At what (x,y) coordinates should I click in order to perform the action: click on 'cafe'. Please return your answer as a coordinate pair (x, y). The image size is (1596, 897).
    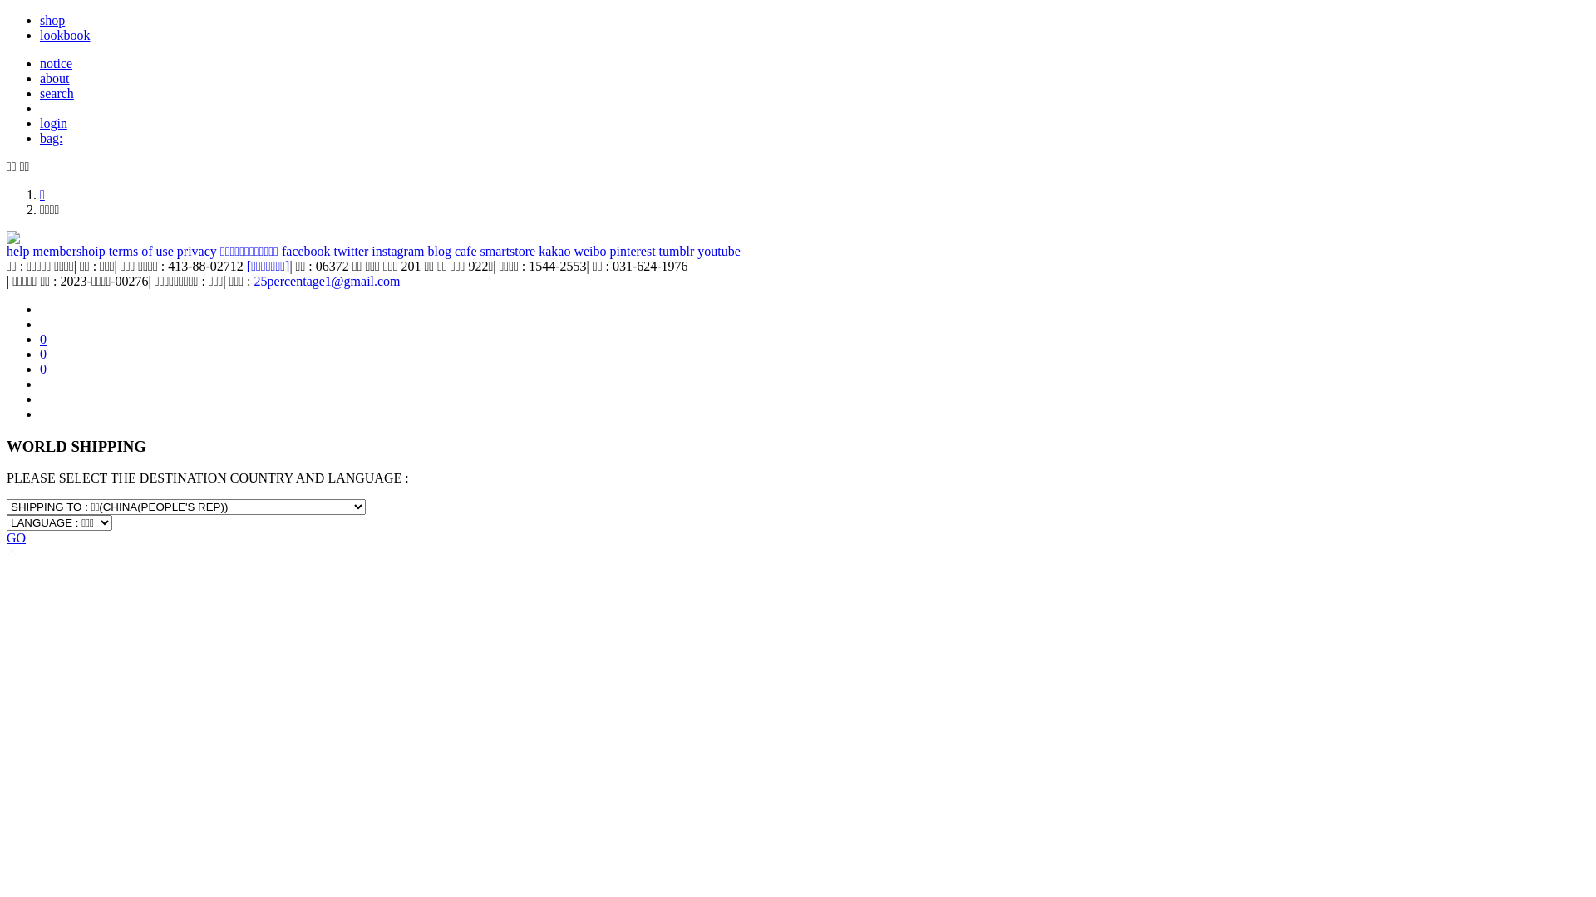
    Looking at the image, I should click on (465, 251).